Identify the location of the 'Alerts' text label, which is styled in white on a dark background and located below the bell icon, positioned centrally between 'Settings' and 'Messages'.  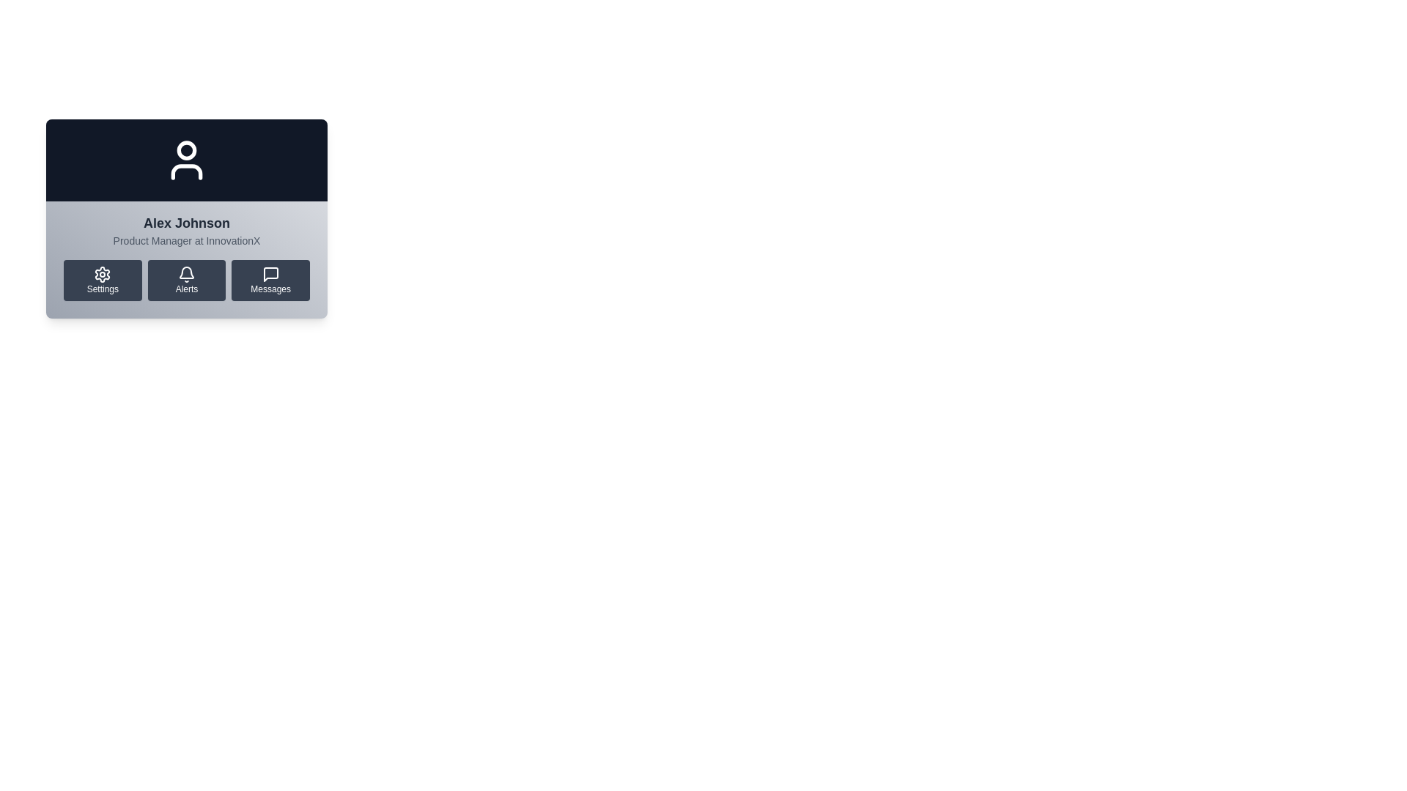
(185, 289).